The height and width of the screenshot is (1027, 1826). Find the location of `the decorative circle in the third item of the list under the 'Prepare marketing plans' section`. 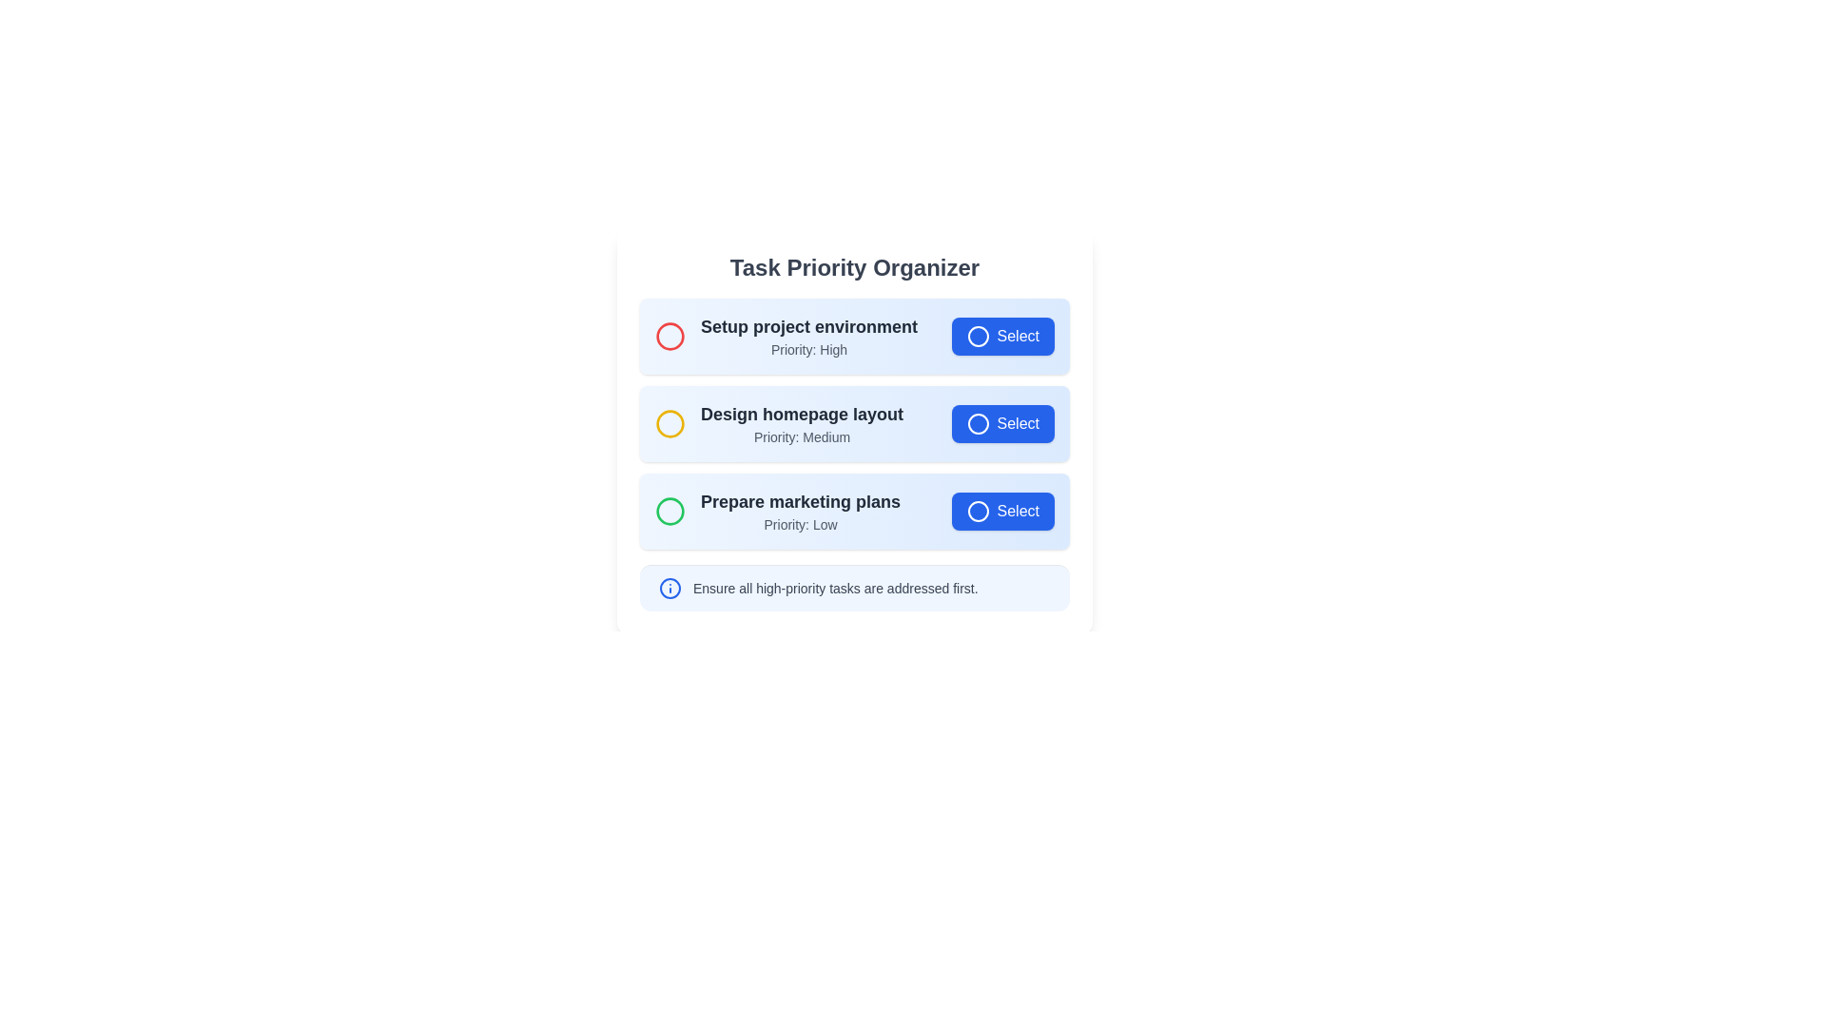

the decorative circle in the third item of the list under the 'Prepare marketing plans' section is located at coordinates (670, 510).